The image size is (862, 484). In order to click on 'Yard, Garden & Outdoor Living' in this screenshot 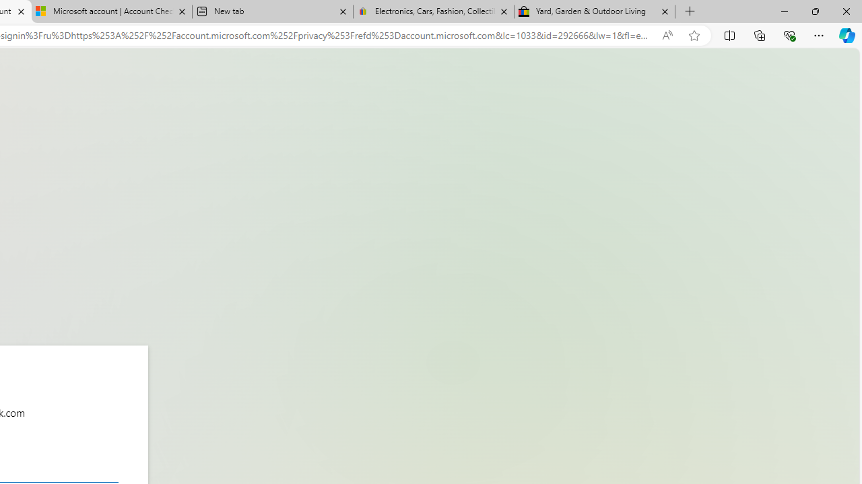, I will do `click(594, 11)`.